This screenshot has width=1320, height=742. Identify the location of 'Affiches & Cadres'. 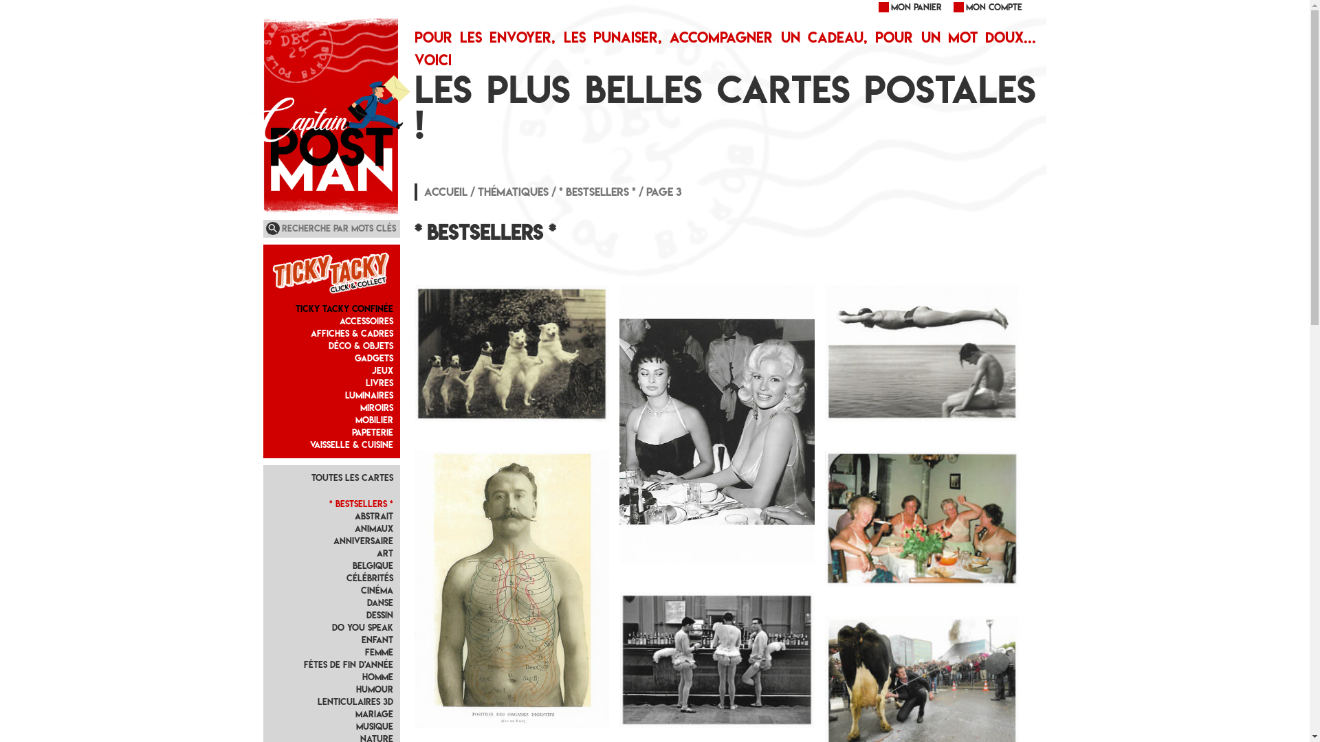
(352, 333).